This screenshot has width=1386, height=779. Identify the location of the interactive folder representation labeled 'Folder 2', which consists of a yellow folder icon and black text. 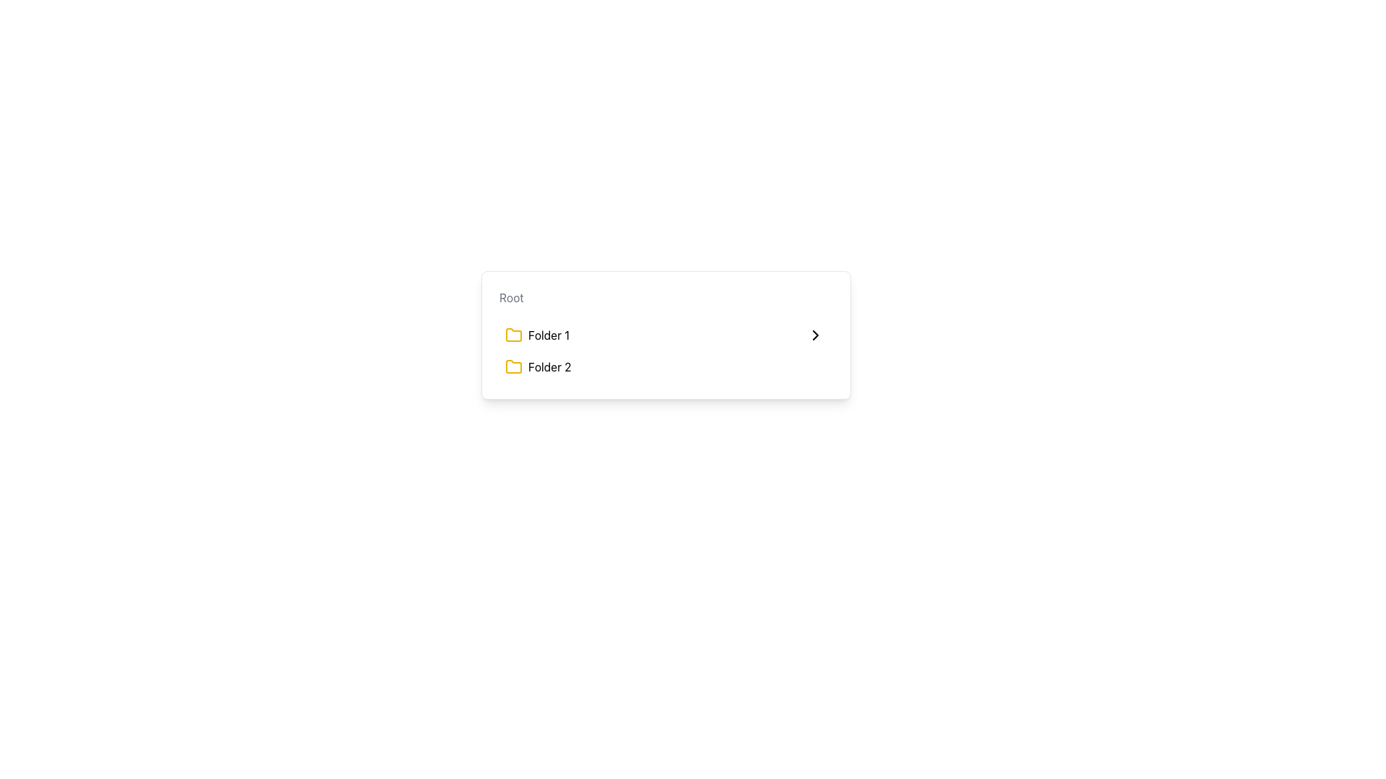
(537, 366).